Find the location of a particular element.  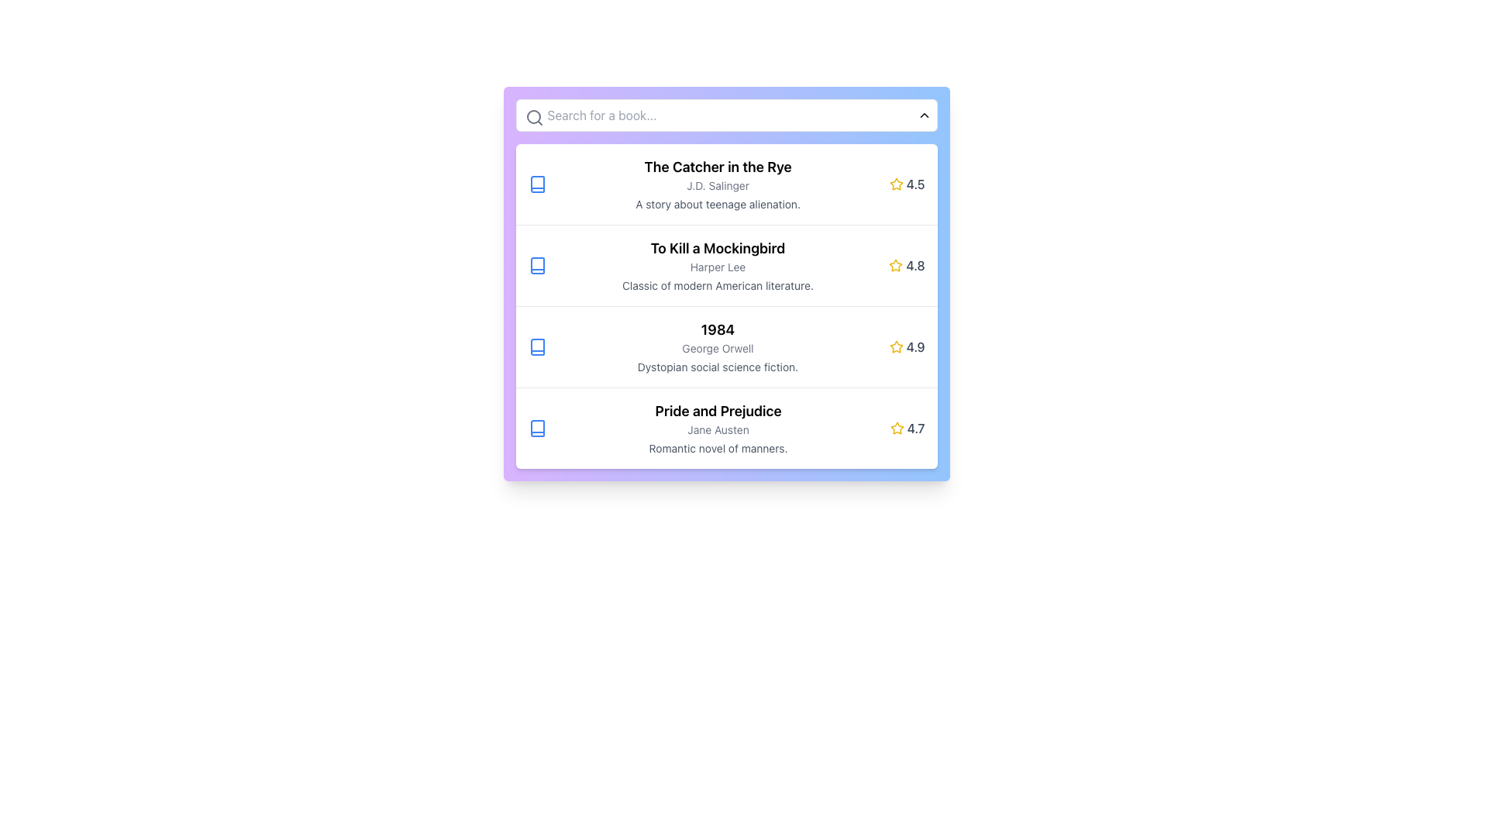

the button at the top-right corner of the search bar is located at coordinates (924, 115).